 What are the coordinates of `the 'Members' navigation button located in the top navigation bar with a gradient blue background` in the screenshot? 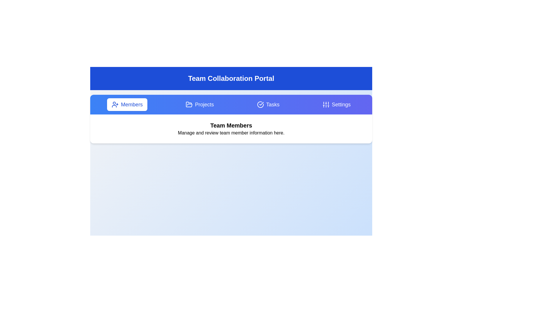 It's located at (127, 105).